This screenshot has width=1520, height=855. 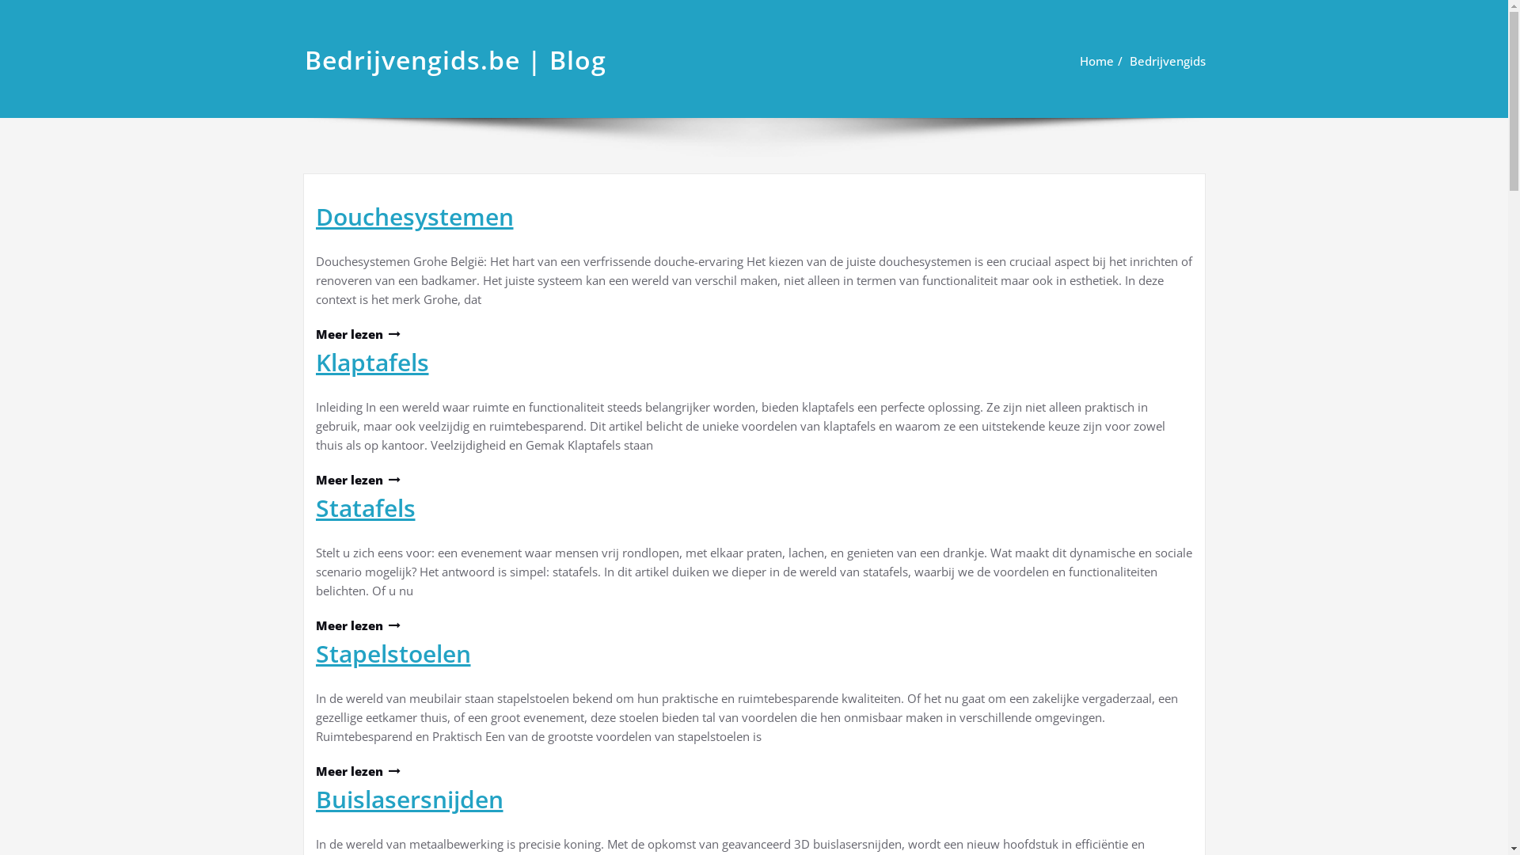 I want to click on 'Statafels', so click(x=363, y=507).